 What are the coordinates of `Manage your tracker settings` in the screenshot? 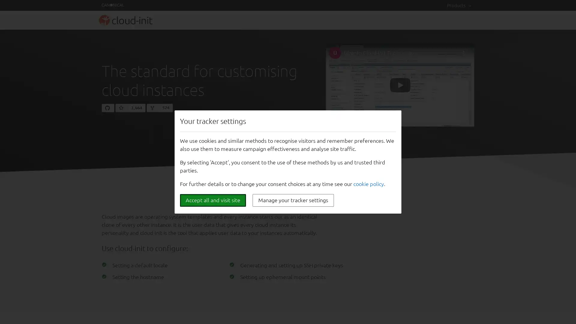 It's located at (293, 200).